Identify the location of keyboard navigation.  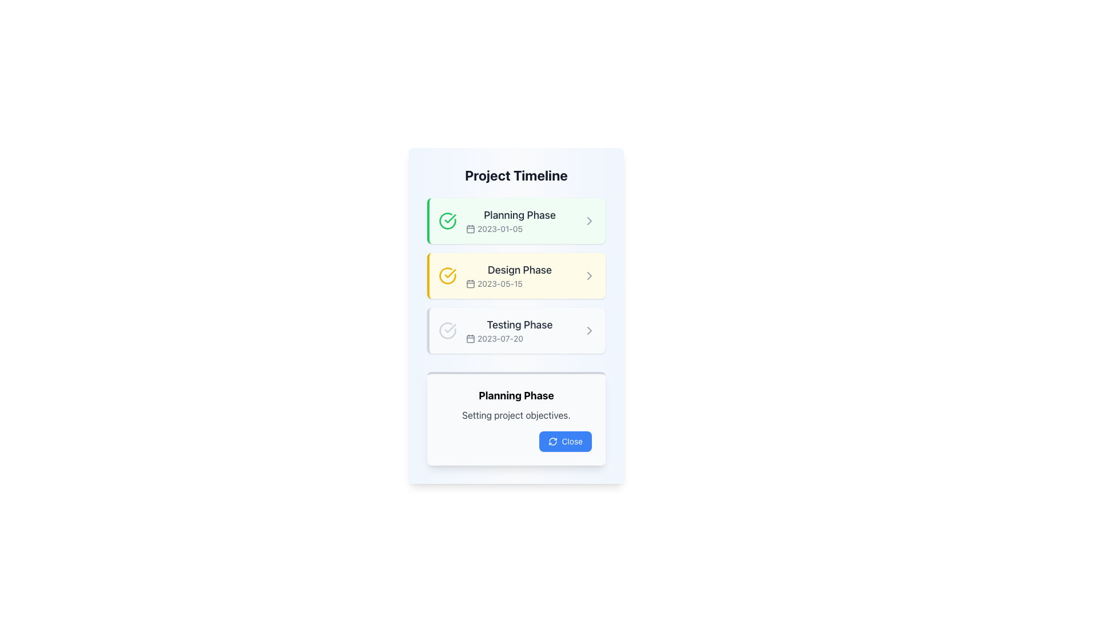
(519, 330).